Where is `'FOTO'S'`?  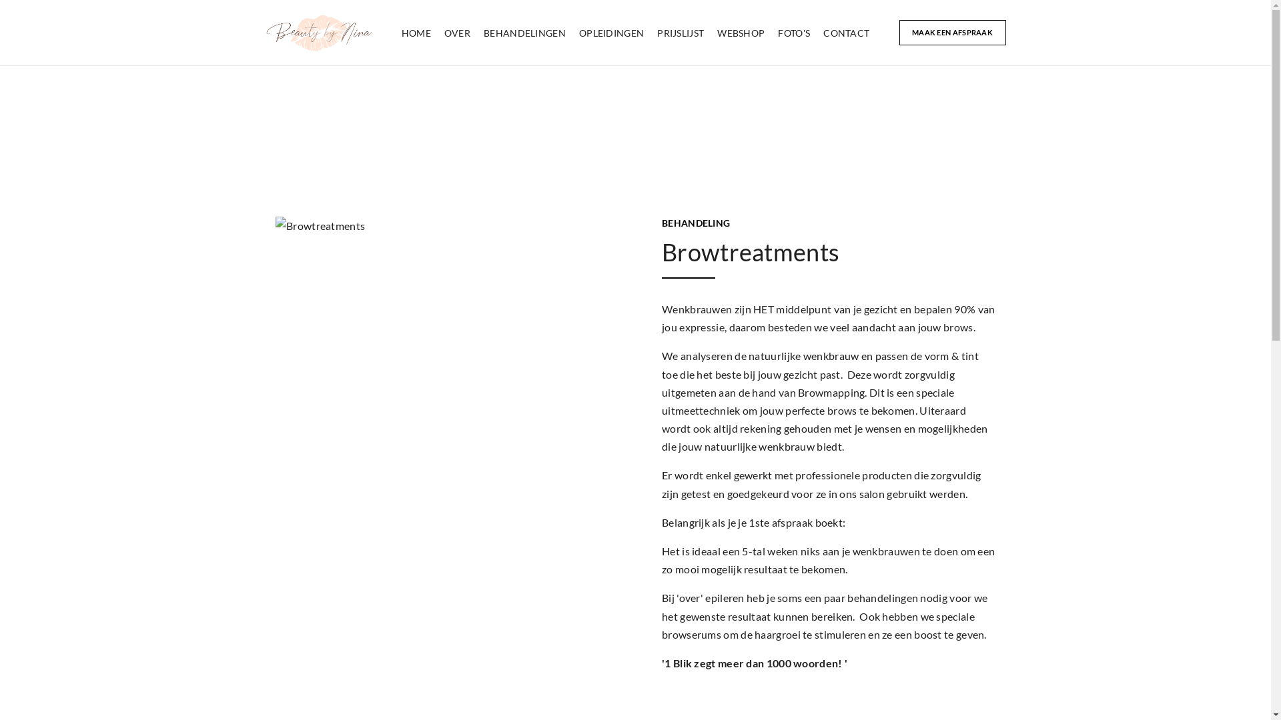
'FOTO'S' is located at coordinates (794, 32).